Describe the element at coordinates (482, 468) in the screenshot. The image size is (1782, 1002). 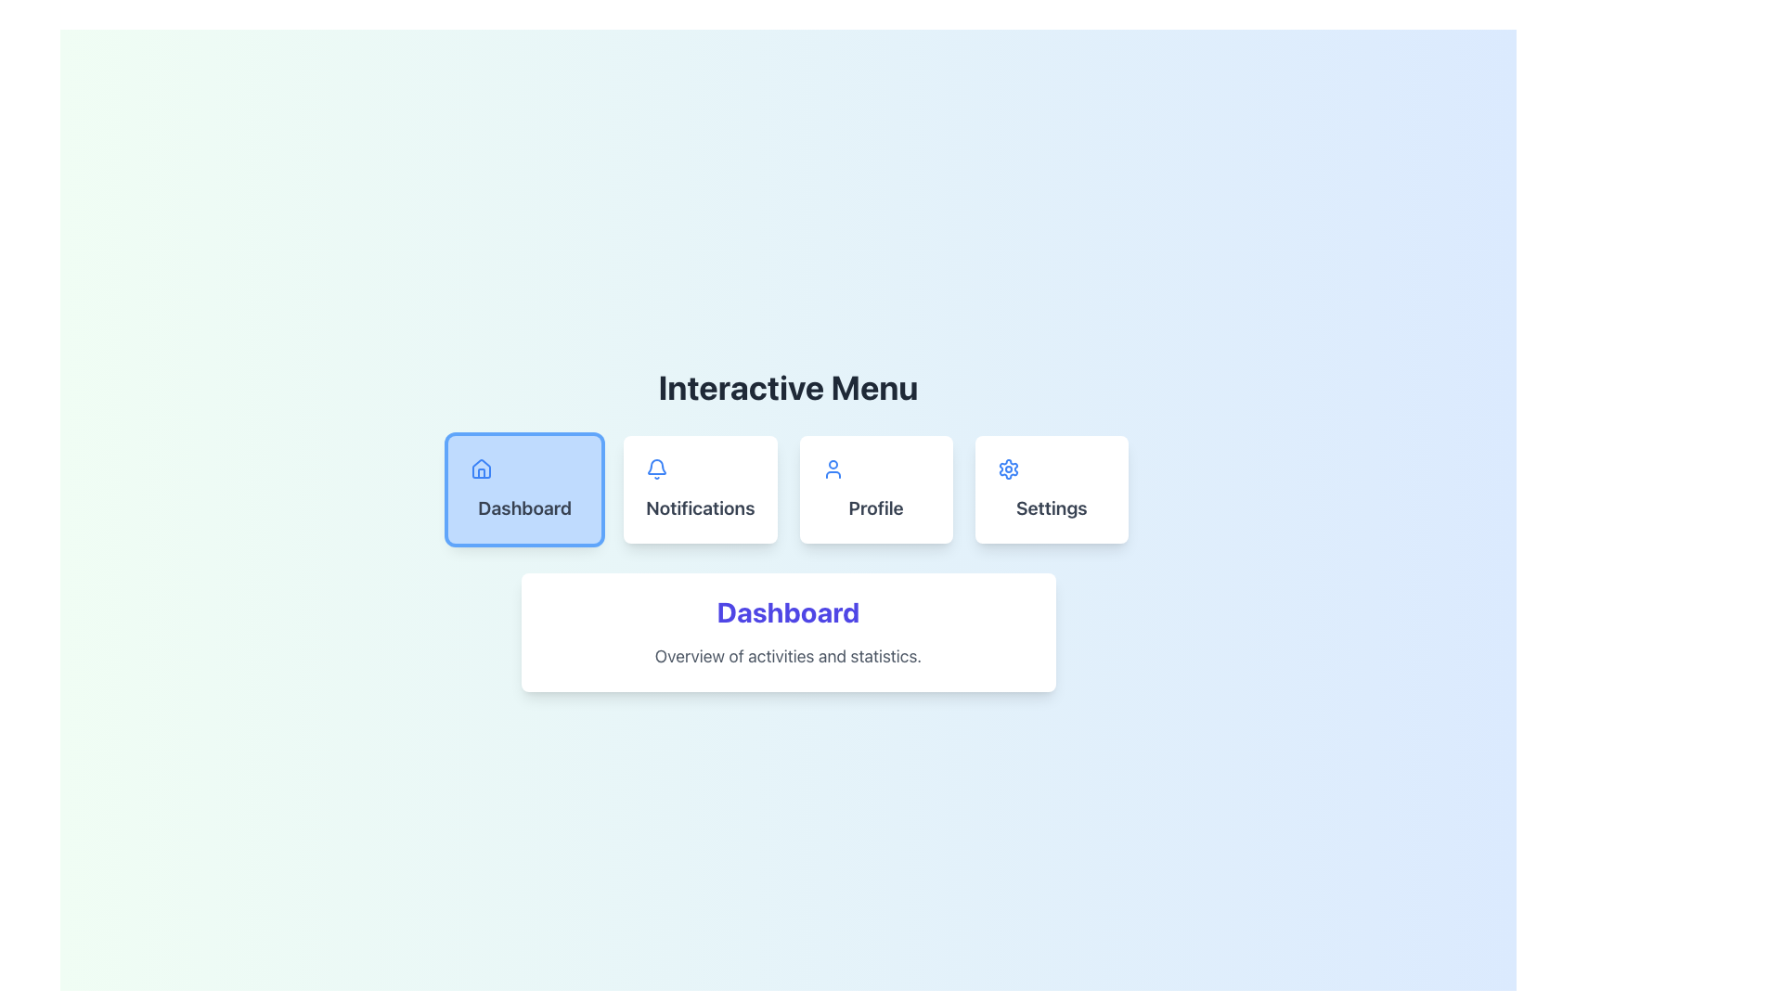
I see `the roof section of the house icon, which is part of a blue-highlighted box above the 'Dashboard' text` at that location.